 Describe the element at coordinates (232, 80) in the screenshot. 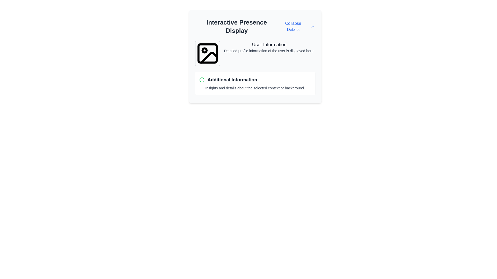

I see `the central text label or heading that indicates the presence of more details or insights associated with the displayed context, located below the main title block and next to an icon` at that location.